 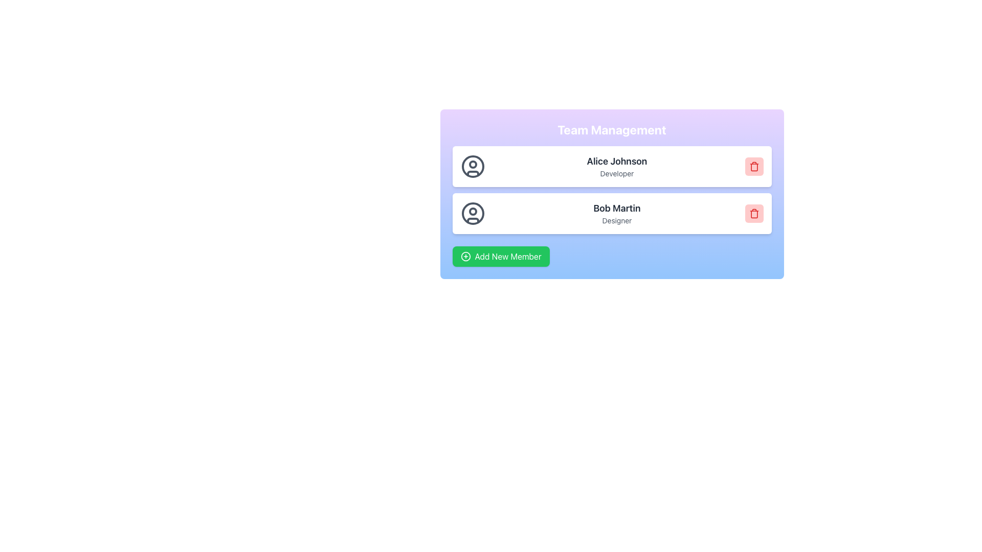 What do you see at coordinates (754, 213) in the screenshot?
I see `the red button with a trash can icon located to the far right of the user information for 'Bob Martin, Designer'` at bounding box center [754, 213].